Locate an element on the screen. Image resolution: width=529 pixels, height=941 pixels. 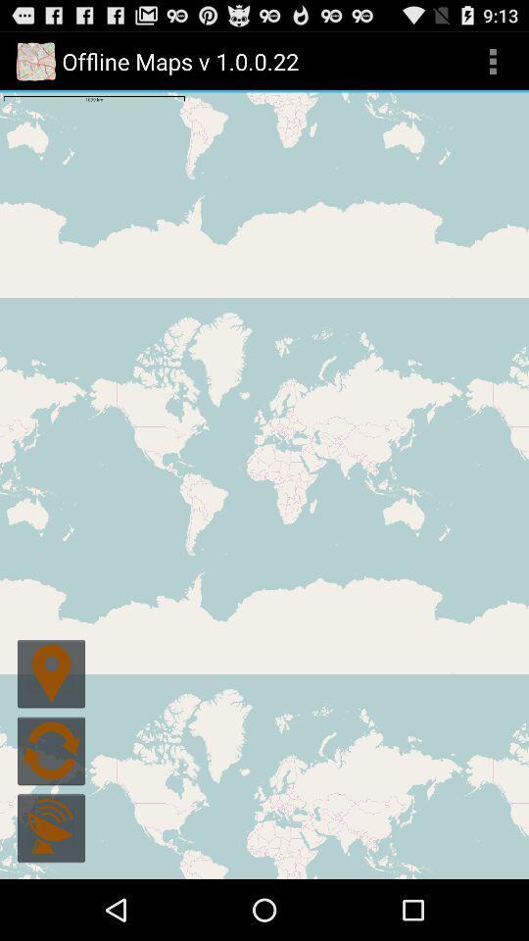
app to the right of the offline maps v item is located at coordinates (492, 61).